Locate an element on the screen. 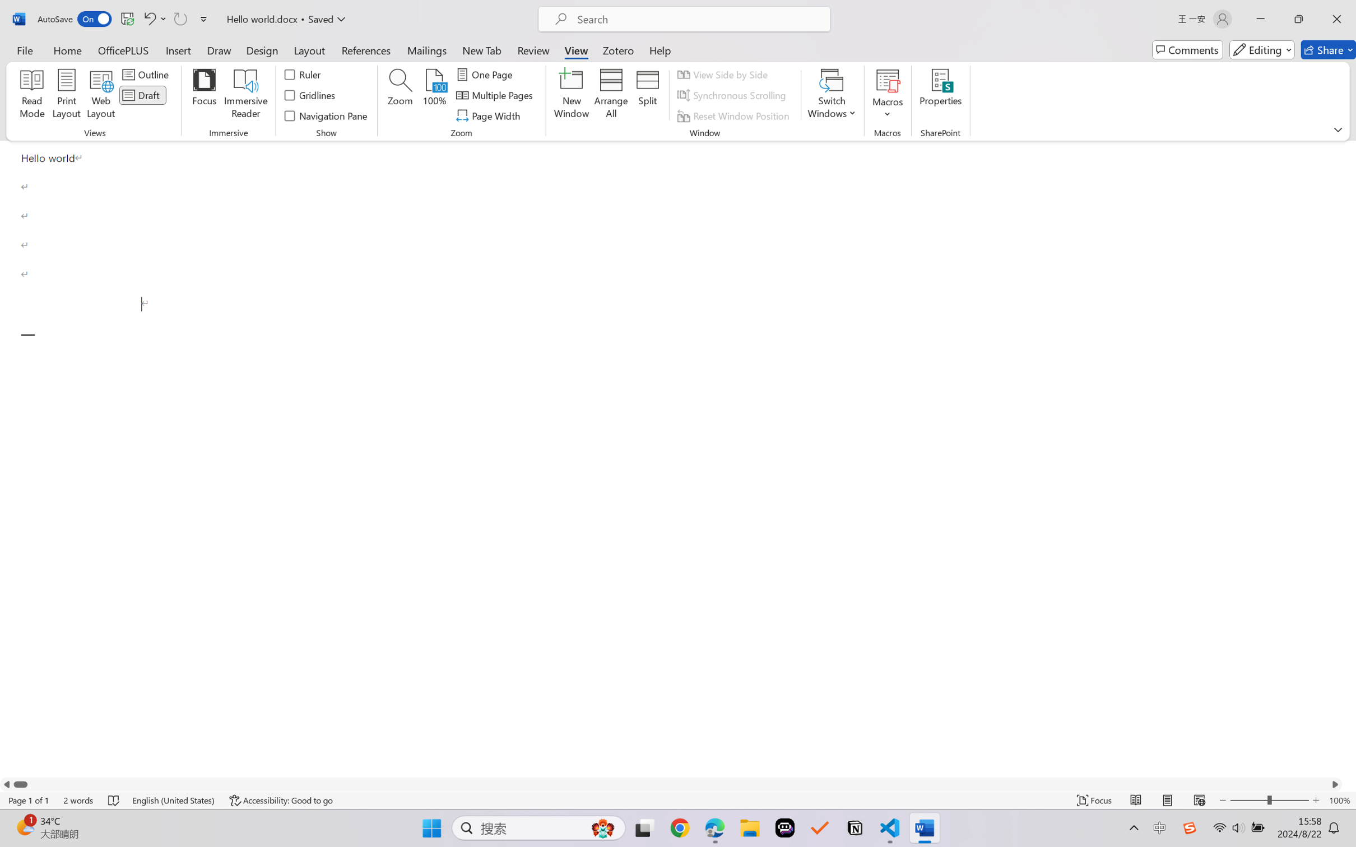 The height and width of the screenshot is (847, 1356). 'Mailings' is located at coordinates (427, 49).